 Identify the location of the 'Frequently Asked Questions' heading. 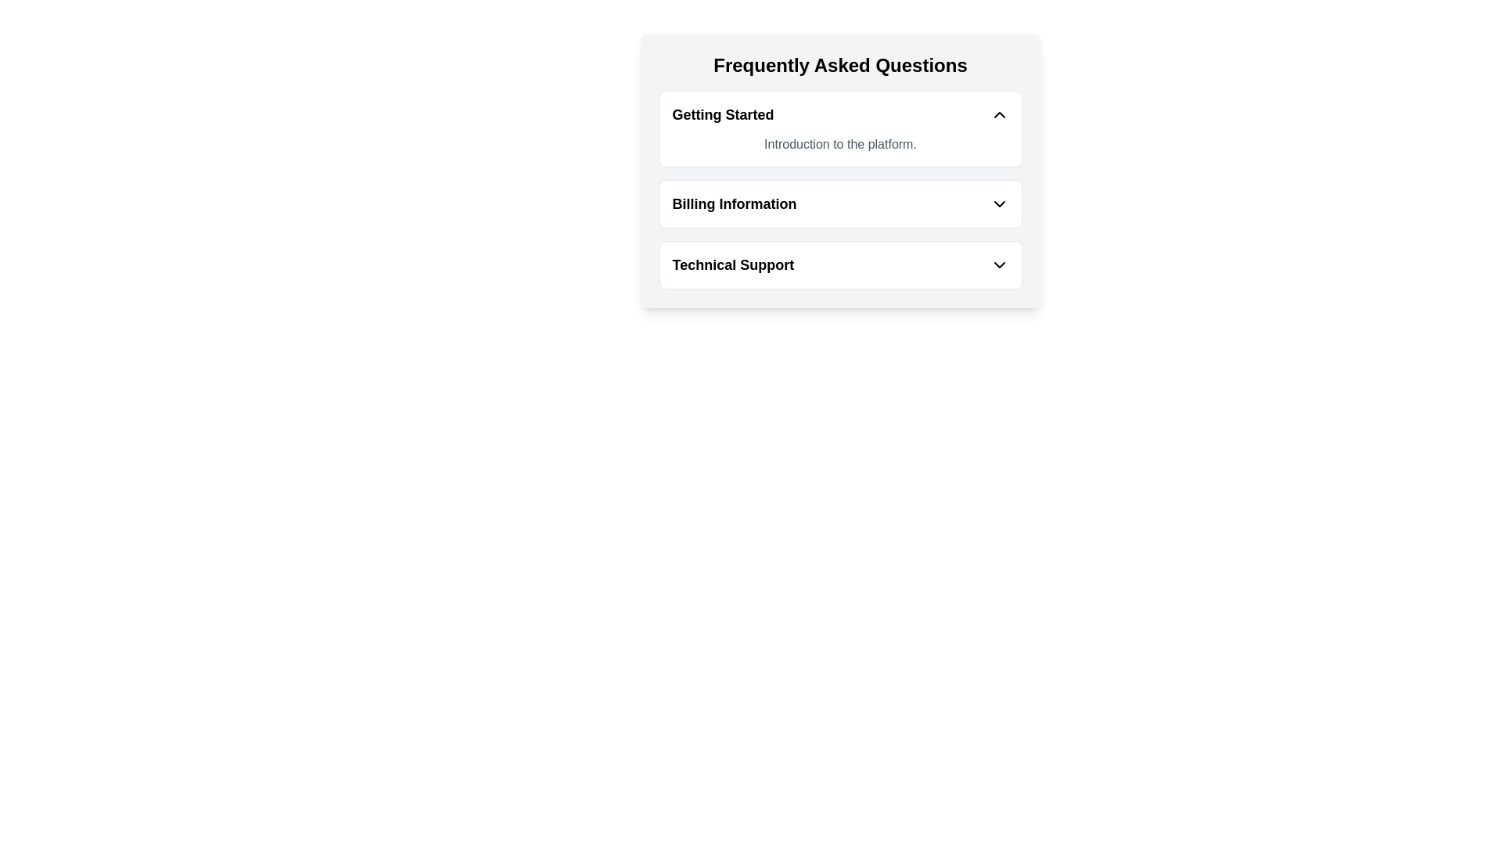
(722, 113).